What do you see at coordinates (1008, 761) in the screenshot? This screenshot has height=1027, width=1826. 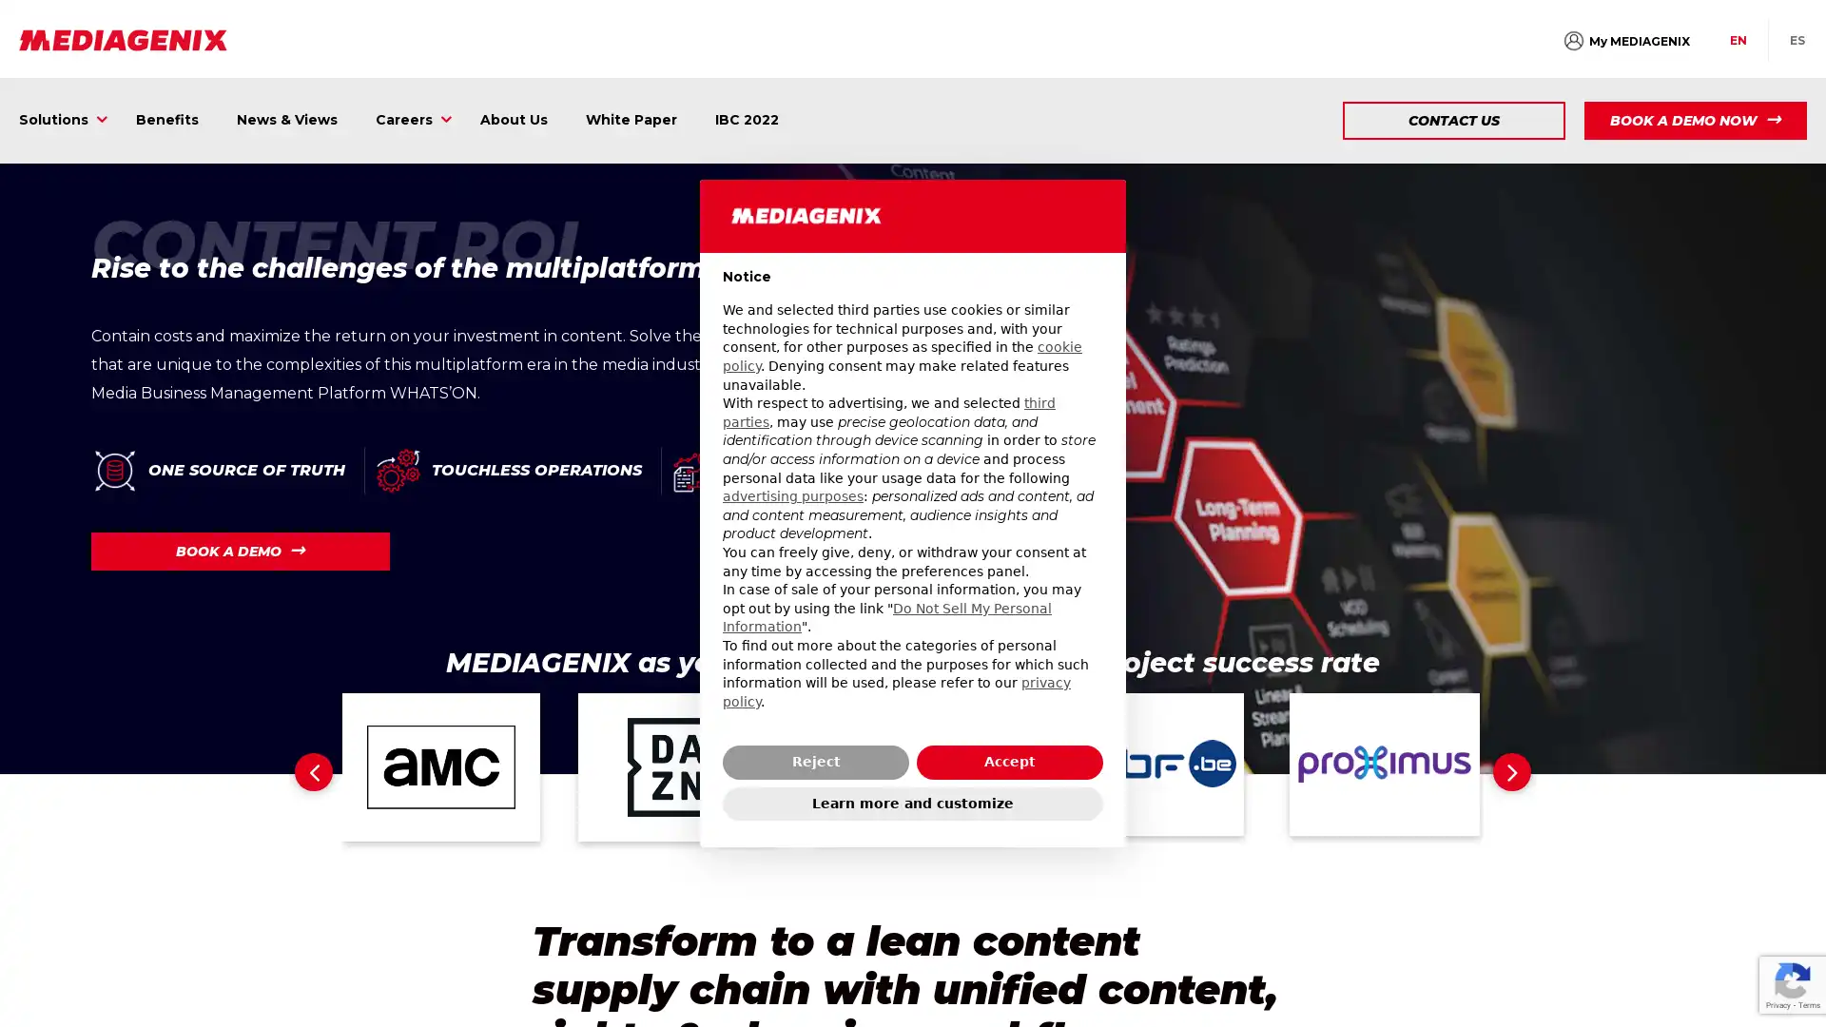 I see `Accept` at bounding box center [1008, 761].